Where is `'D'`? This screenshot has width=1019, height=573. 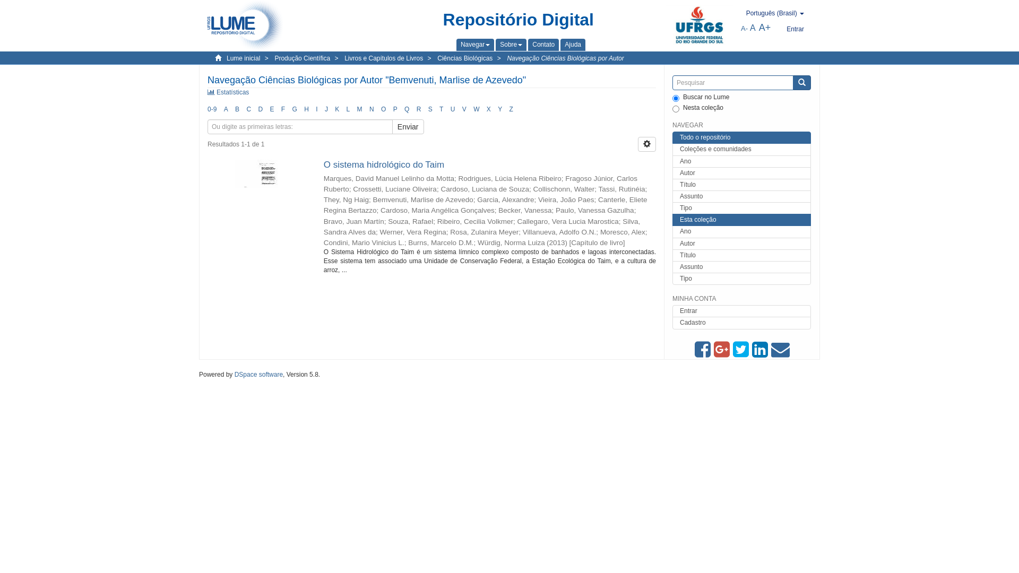 'D' is located at coordinates (257, 109).